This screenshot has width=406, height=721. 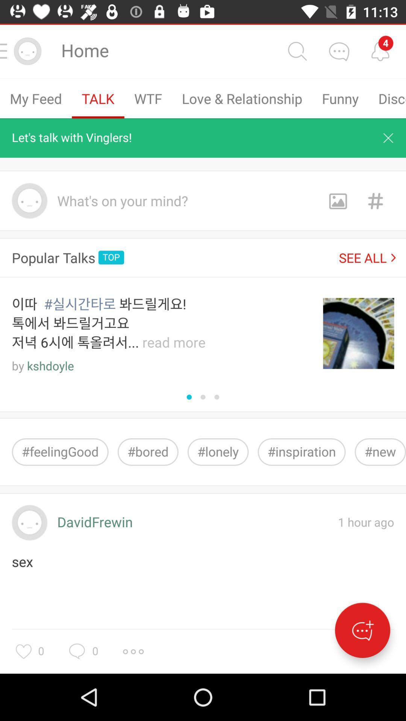 What do you see at coordinates (148, 451) in the screenshot?
I see `icon to the right of #feelinggood item` at bounding box center [148, 451].